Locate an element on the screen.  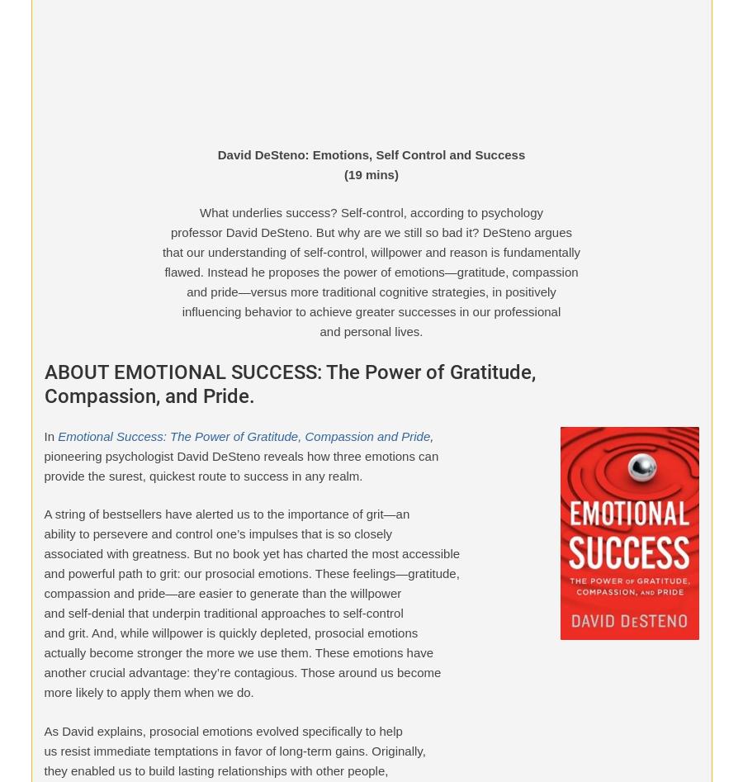
'MentorCoach and ICF Certification' is located at coordinates (44, 418).